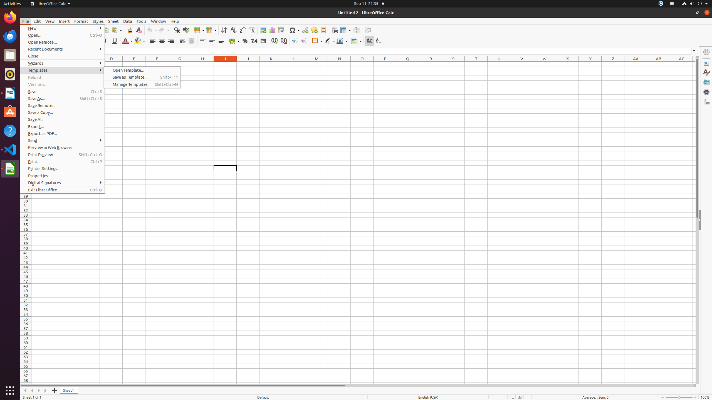 The width and height of the screenshot is (712, 400). I want to click on 'Delete Decimal Place', so click(283, 41).